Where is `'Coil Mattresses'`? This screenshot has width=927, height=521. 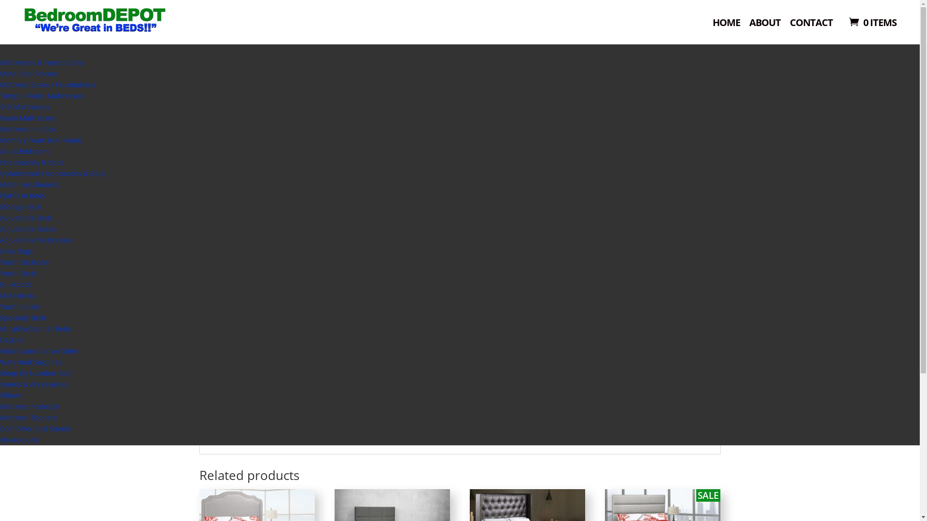
'Coil Mattresses' is located at coordinates (0, 107).